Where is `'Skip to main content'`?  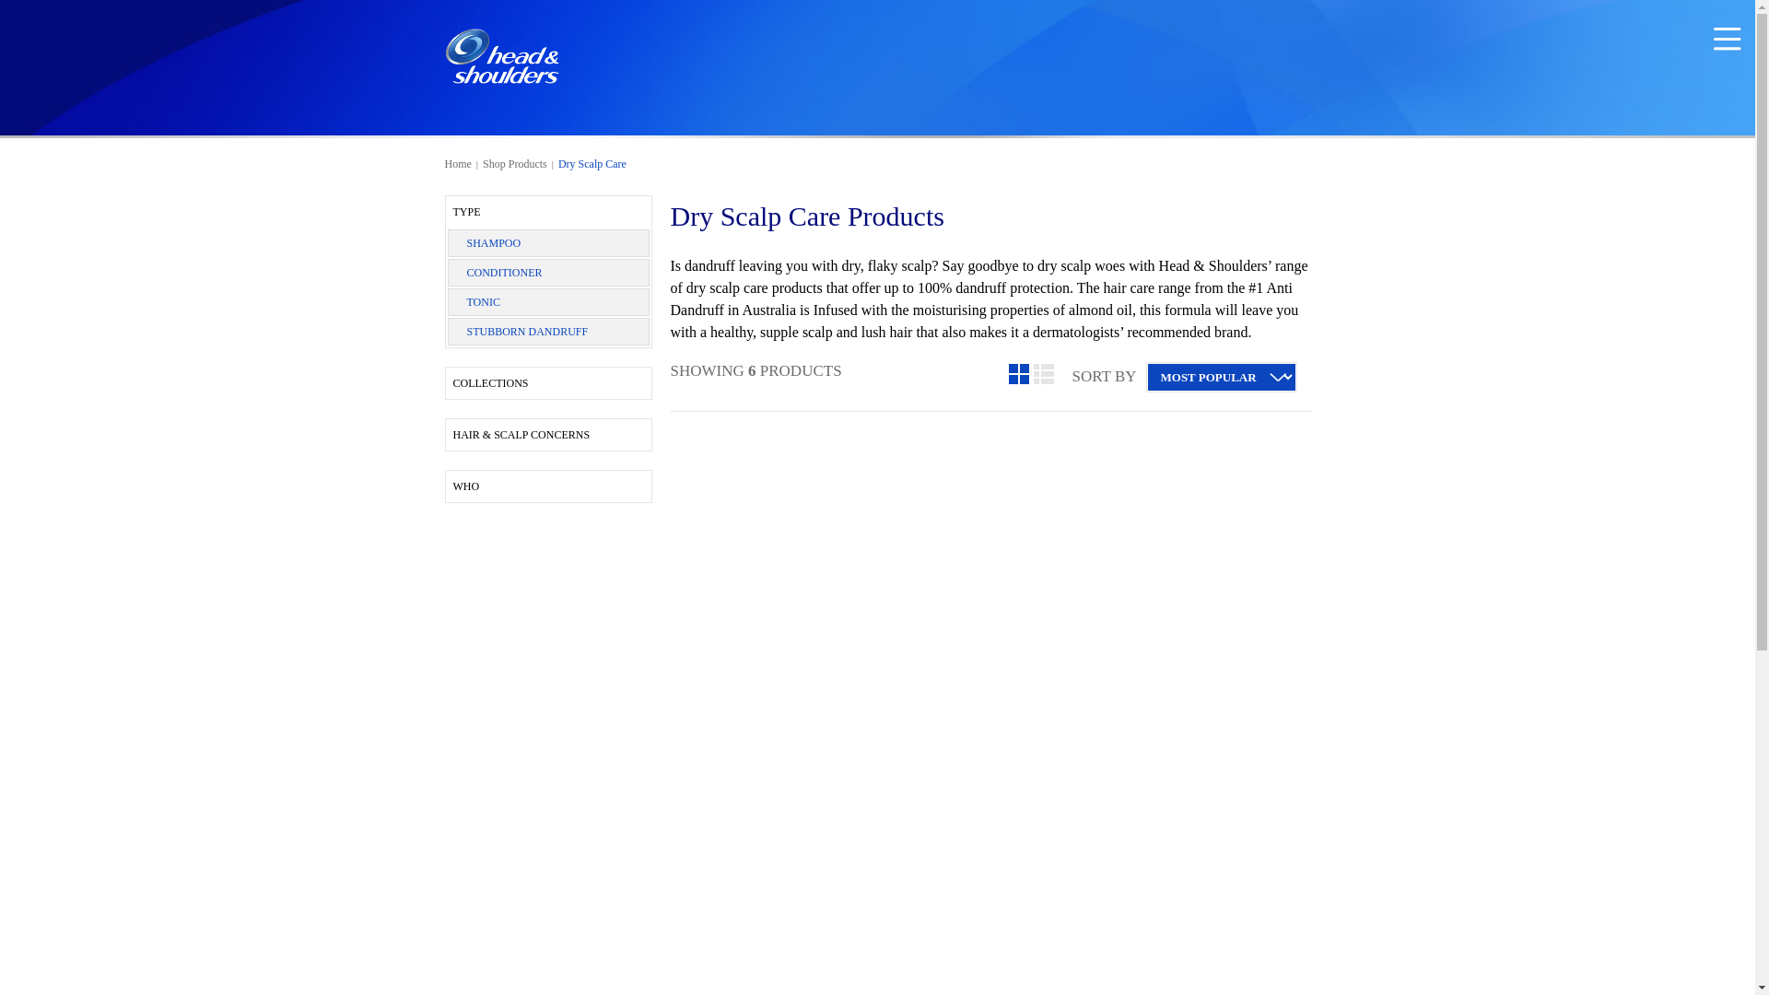 'Skip to main content' is located at coordinates (0, 10).